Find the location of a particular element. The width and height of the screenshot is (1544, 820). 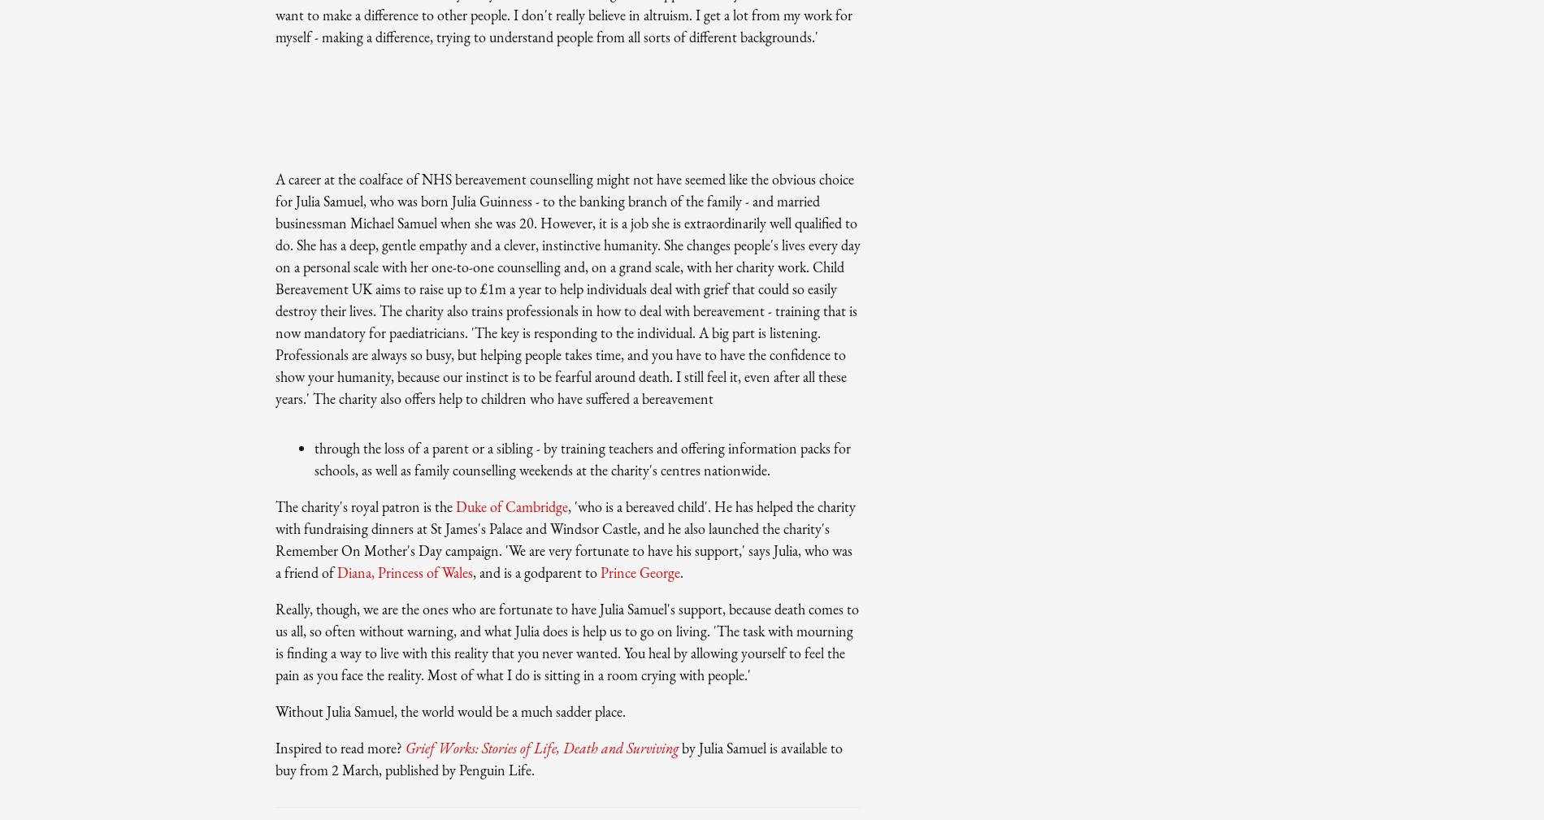

'Prince George' is located at coordinates (639, 571).